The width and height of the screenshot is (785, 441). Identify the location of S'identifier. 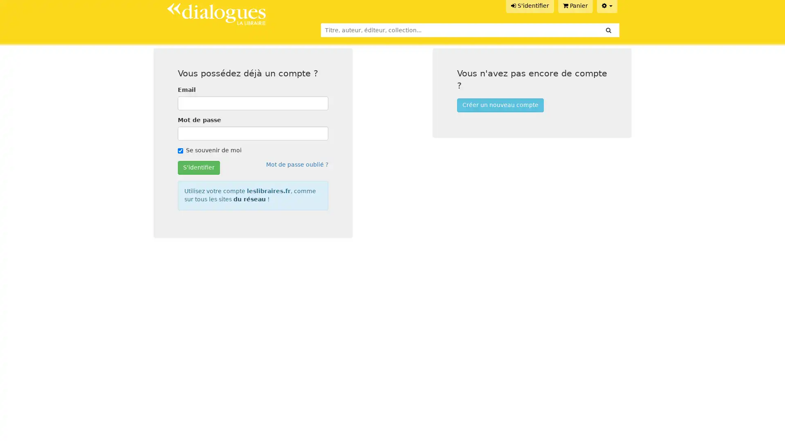
(199, 167).